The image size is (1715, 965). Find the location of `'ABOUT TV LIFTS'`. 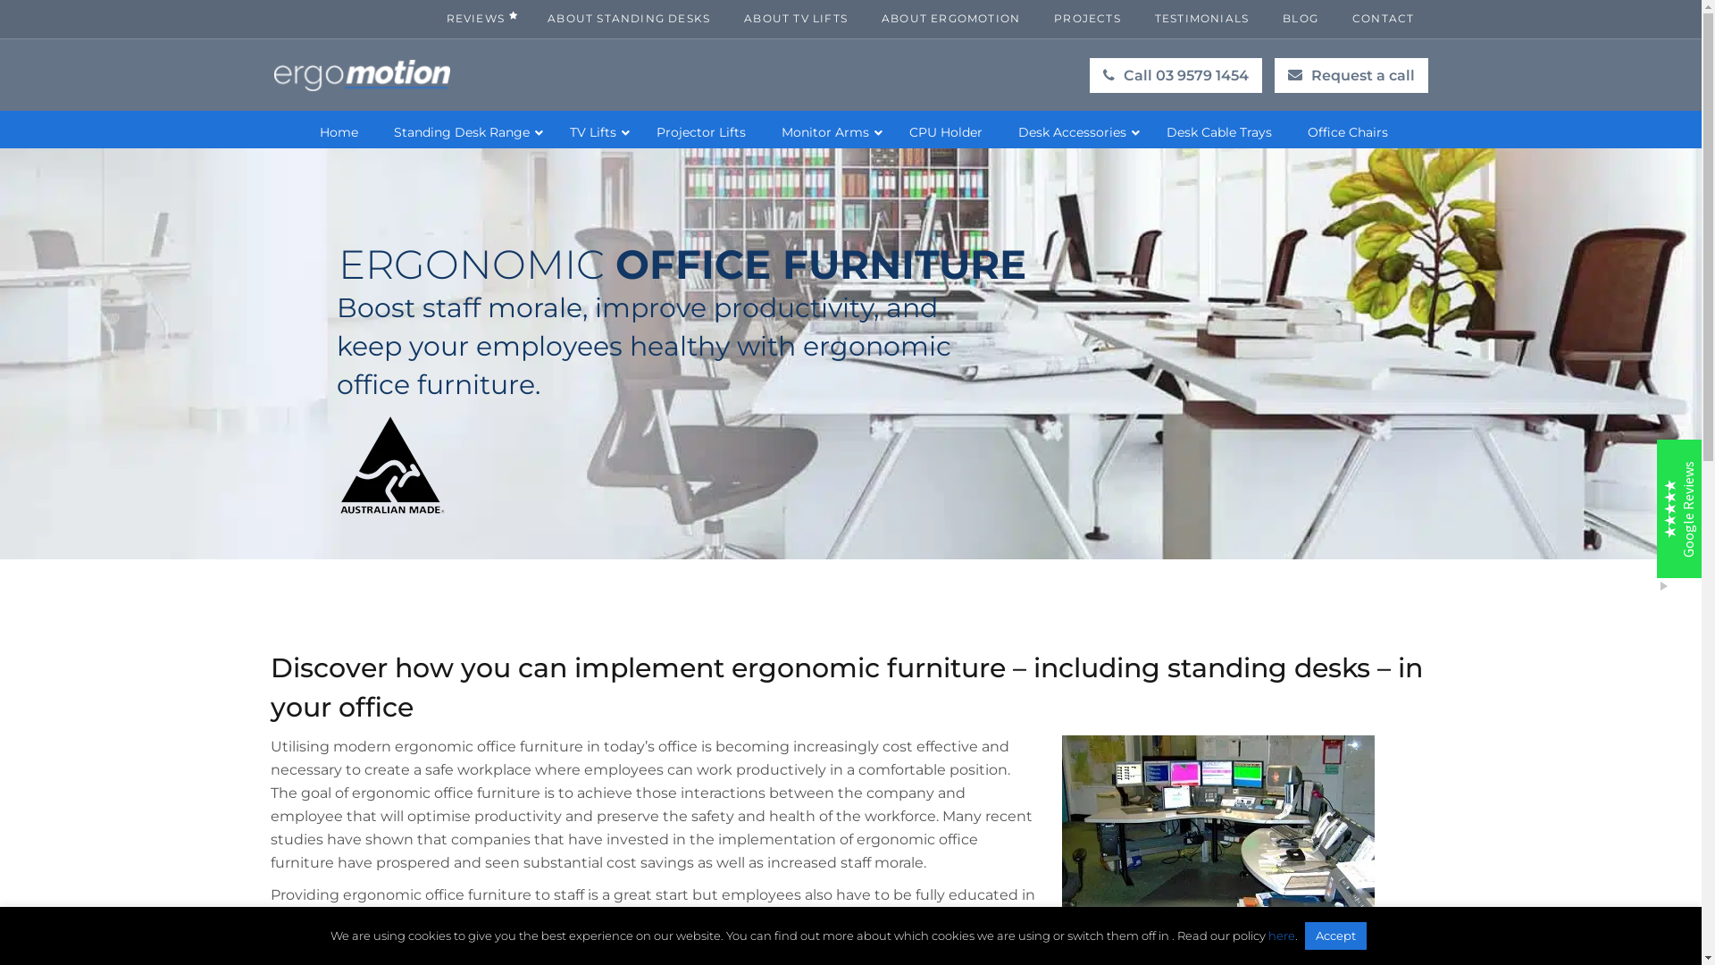

'ABOUT TV LIFTS' is located at coordinates (795, 18).